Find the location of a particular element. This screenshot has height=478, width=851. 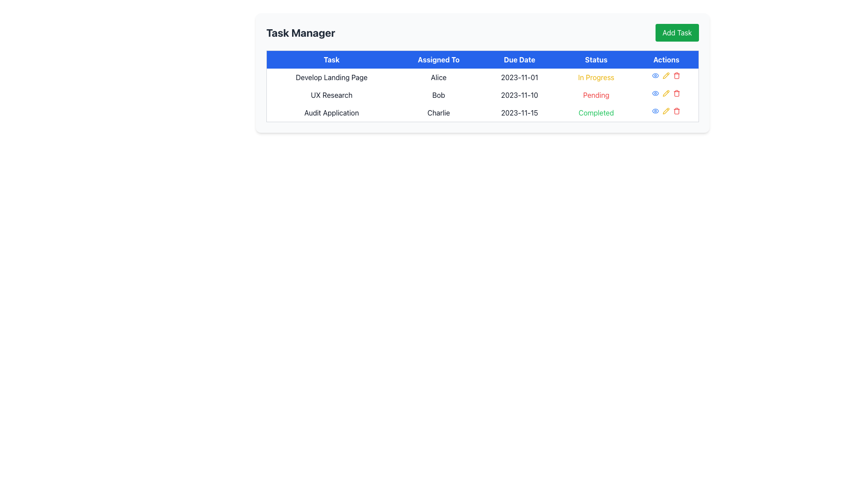

the edit button icon in the 'Actions' column for the 'Develop Landing Page' task is located at coordinates (666, 75).